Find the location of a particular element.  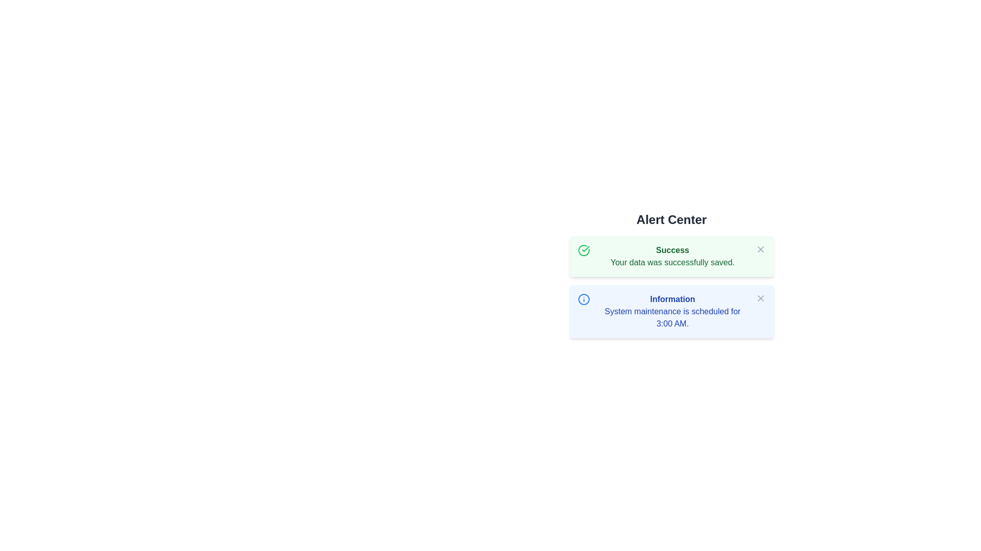

the success message Text Display in the Alert Center section, which is part of a green notification box confirming successful operation completion is located at coordinates (672, 256).